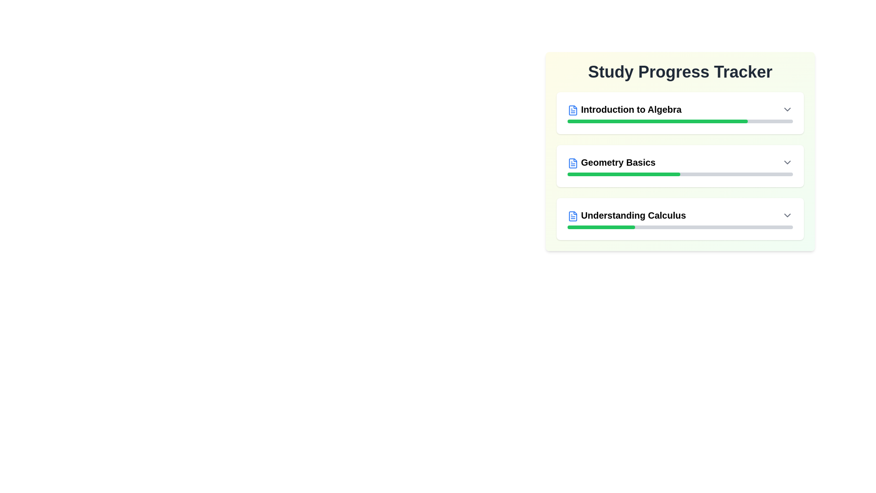 The height and width of the screenshot is (493, 876). I want to click on the progress bar indicating 30% completion below the 'Understanding Calculus' section in the Study Progress Tracker, so click(680, 226).